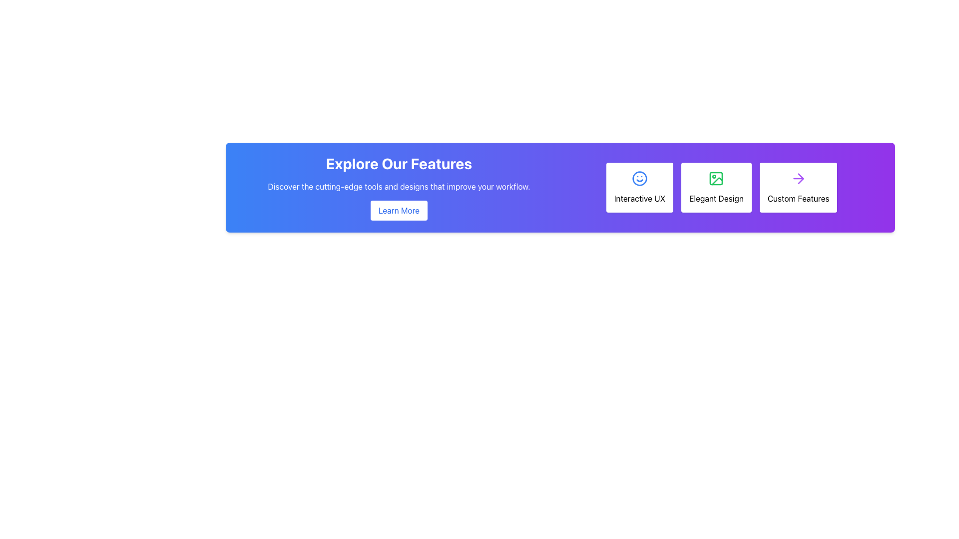 Image resolution: width=959 pixels, height=539 pixels. What do you see at coordinates (639, 178) in the screenshot?
I see `the 'Interactive UX' icon, which is visually represented within the first card labeled 'Interactive UX' located in the middle of three feature cards` at bounding box center [639, 178].